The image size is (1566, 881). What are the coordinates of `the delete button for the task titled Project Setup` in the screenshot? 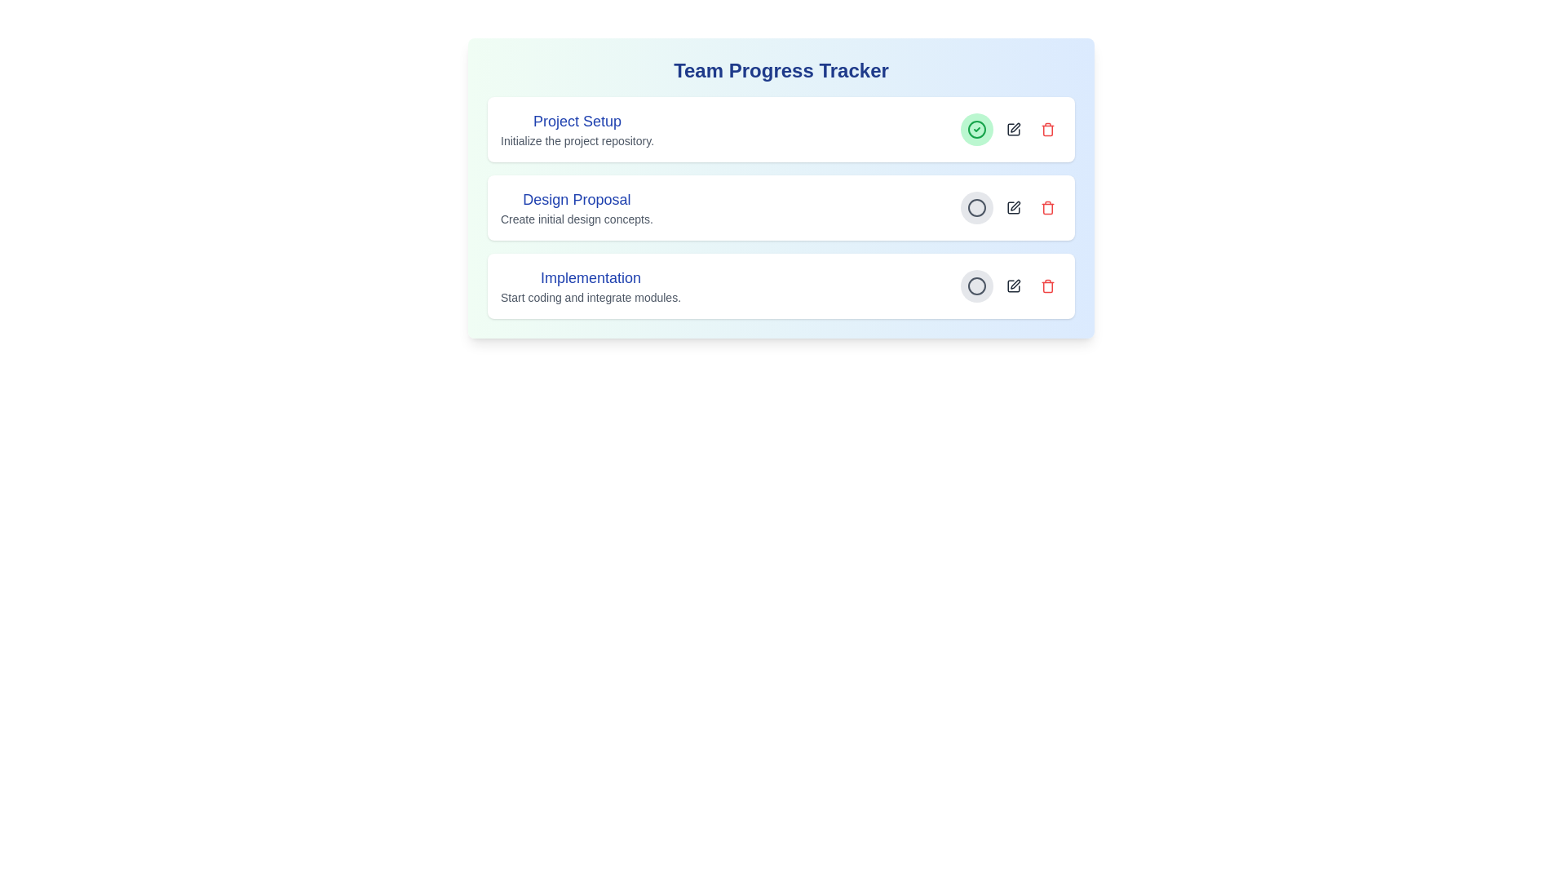 It's located at (1048, 128).